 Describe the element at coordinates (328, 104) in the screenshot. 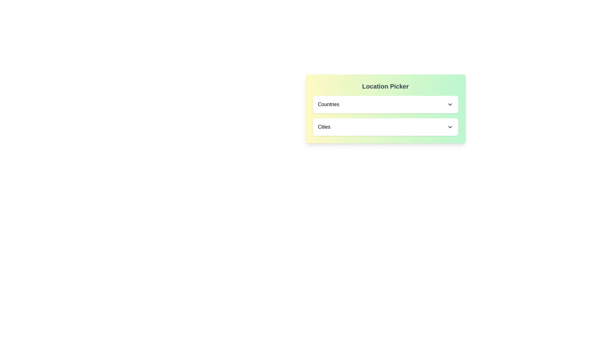

I see `text content of the static text label that displays the current selection for the 'Countries' dropdown menu, located at the top-left corner of the dropdown` at that location.